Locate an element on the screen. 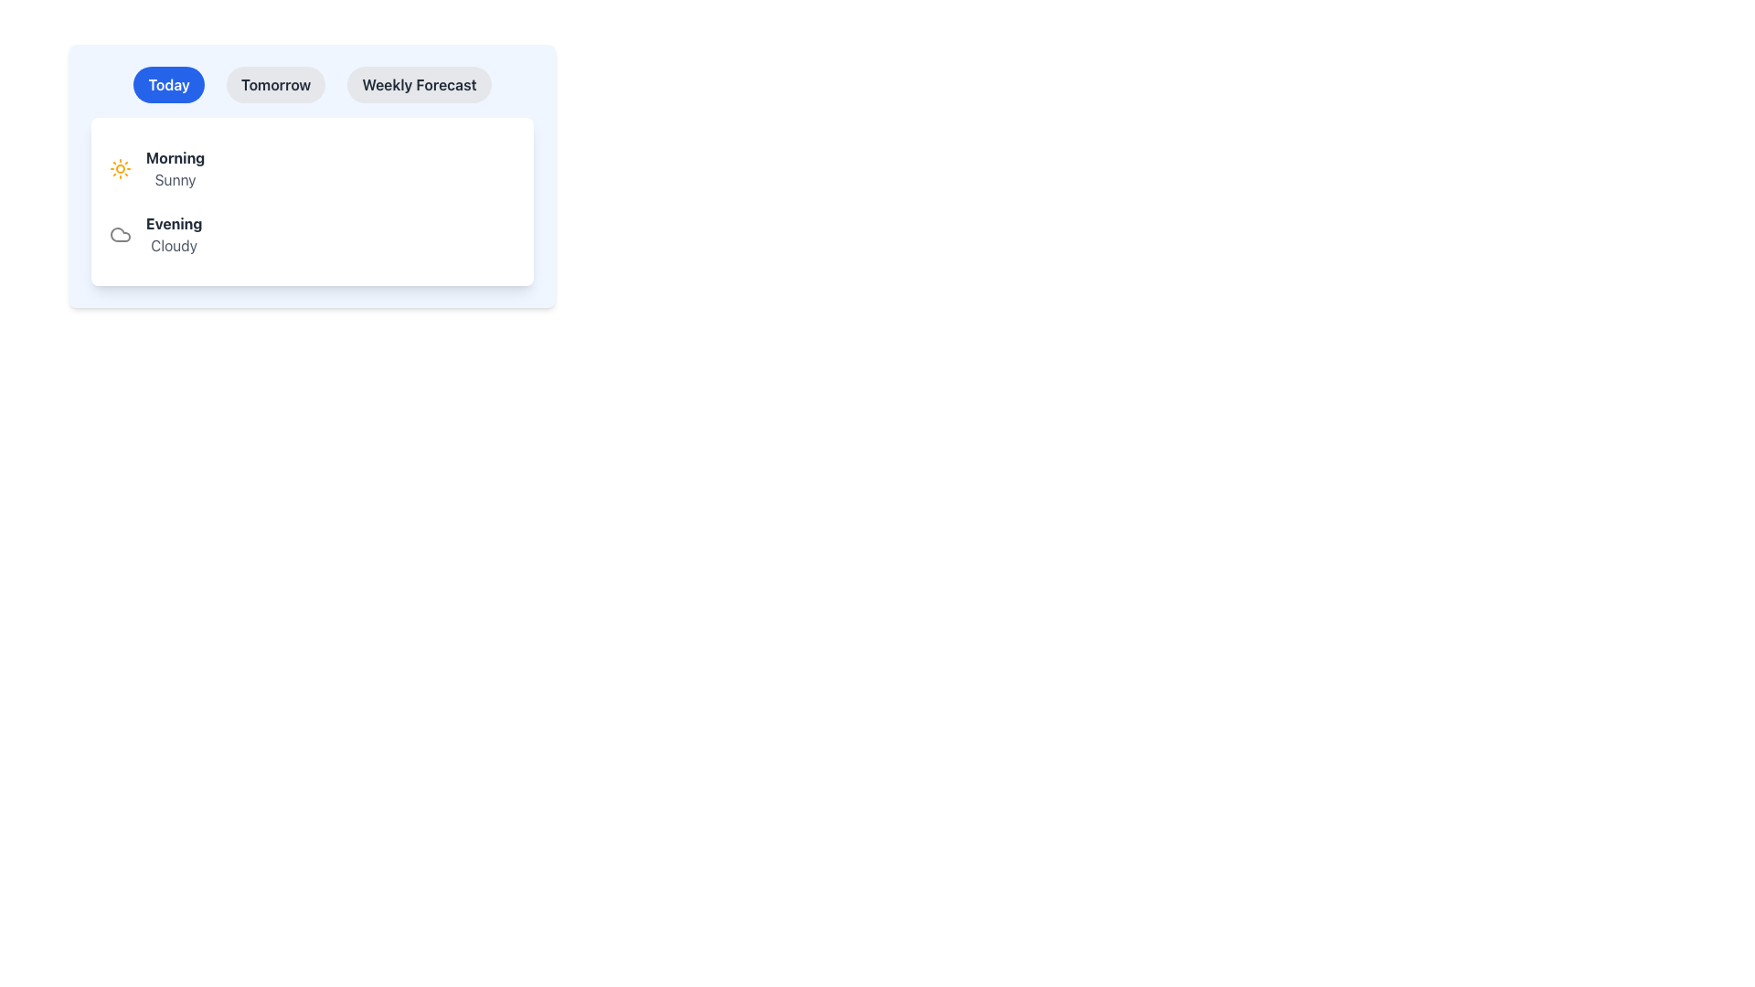 This screenshot has width=1755, height=987. the 'Cloudy' text label, which is styled in gray with a lighter font weight, located below the bold 'Evening' label in the weather forecast card is located at coordinates (174, 245).